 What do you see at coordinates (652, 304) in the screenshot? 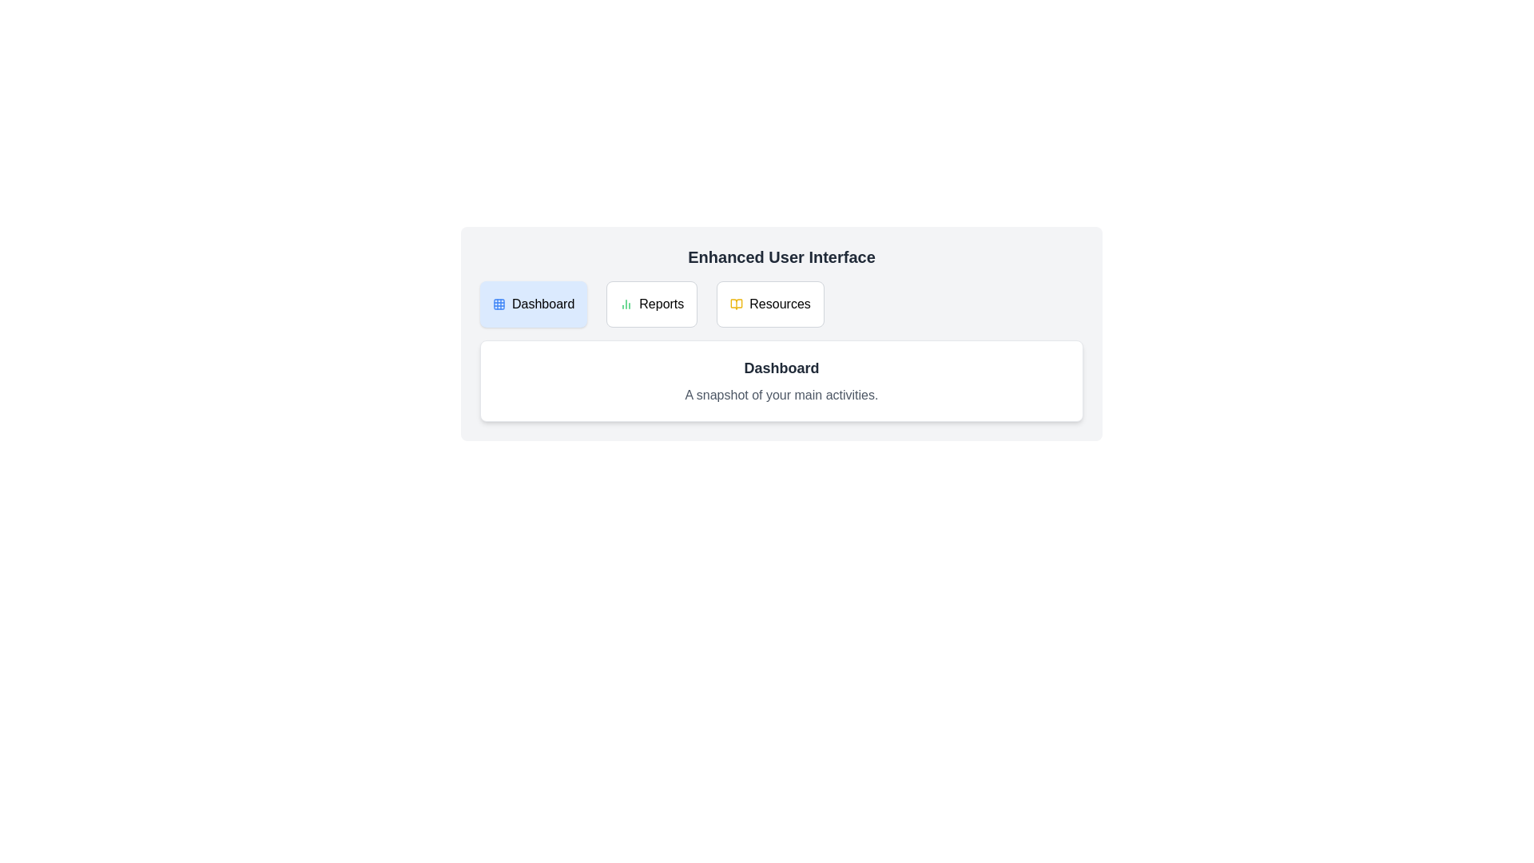
I see `the tab labeled Reports` at bounding box center [652, 304].